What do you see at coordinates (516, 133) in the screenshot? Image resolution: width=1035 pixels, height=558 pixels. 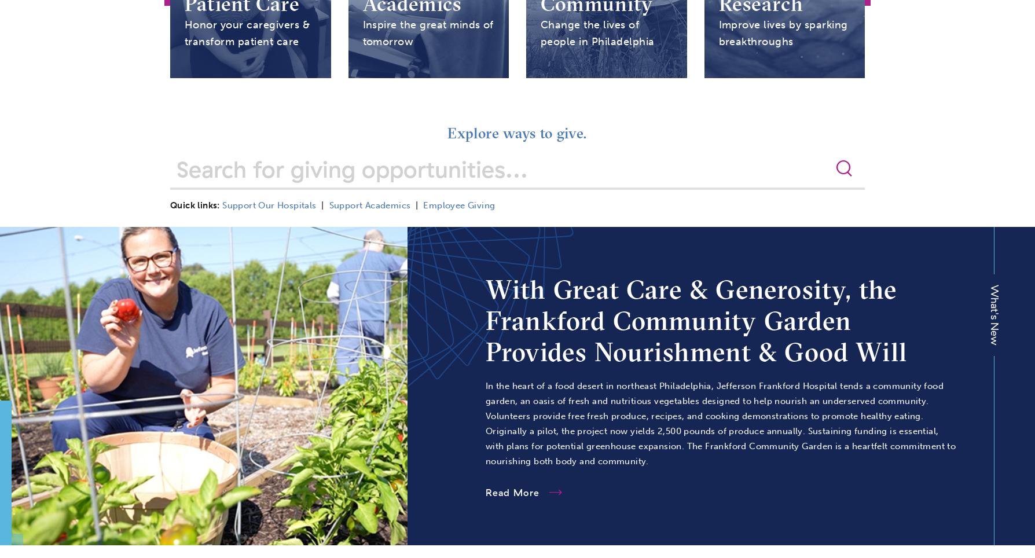 I see `'Explore ways to give.'` at bounding box center [516, 133].